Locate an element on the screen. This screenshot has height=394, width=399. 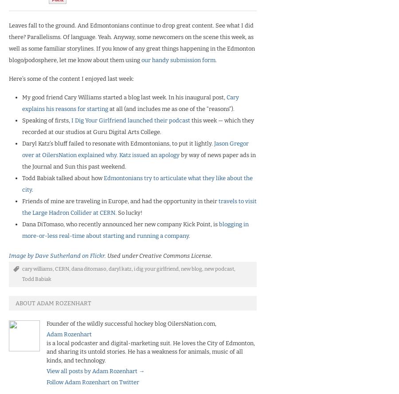
'My good friend Cary Williams started a blog last week. In his inaugural post,' is located at coordinates (22, 96).